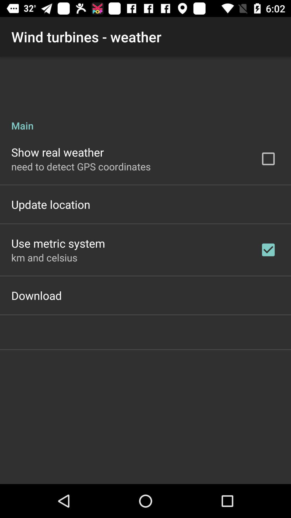 This screenshot has width=291, height=518. What do you see at coordinates (36, 295) in the screenshot?
I see `the download item` at bounding box center [36, 295].